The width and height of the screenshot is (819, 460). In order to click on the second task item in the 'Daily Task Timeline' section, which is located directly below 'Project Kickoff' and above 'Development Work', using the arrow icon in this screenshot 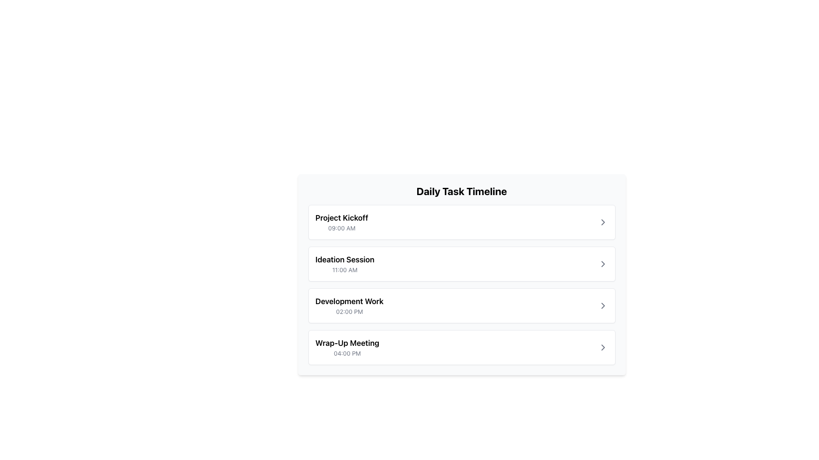, I will do `click(461, 264)`.